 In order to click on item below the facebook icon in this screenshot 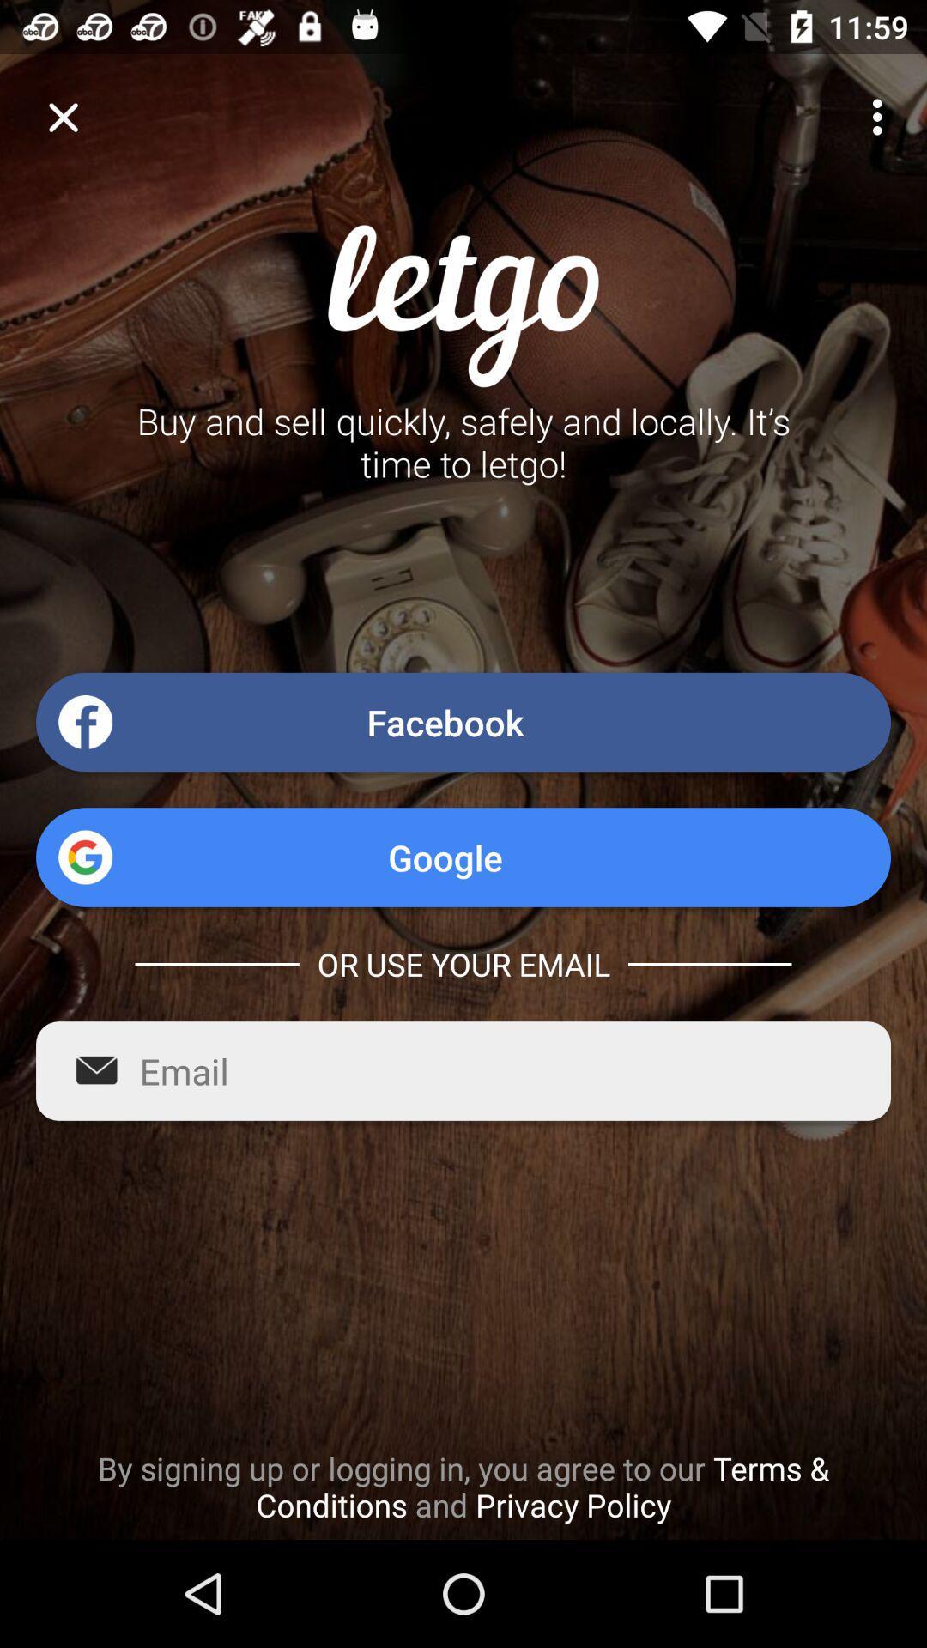, I will do `click(463, 857)`.